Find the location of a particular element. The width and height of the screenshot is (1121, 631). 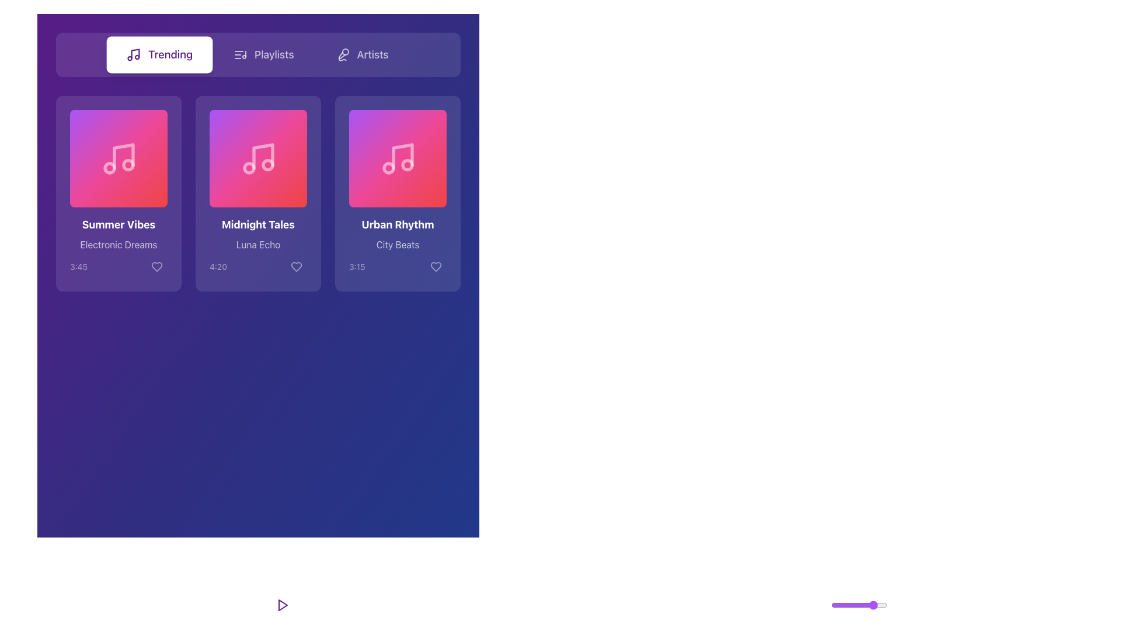

the text block representing the title, artist, and duration of a music track in the first card of the 'Trending' section is located at coordinates (119, 247).